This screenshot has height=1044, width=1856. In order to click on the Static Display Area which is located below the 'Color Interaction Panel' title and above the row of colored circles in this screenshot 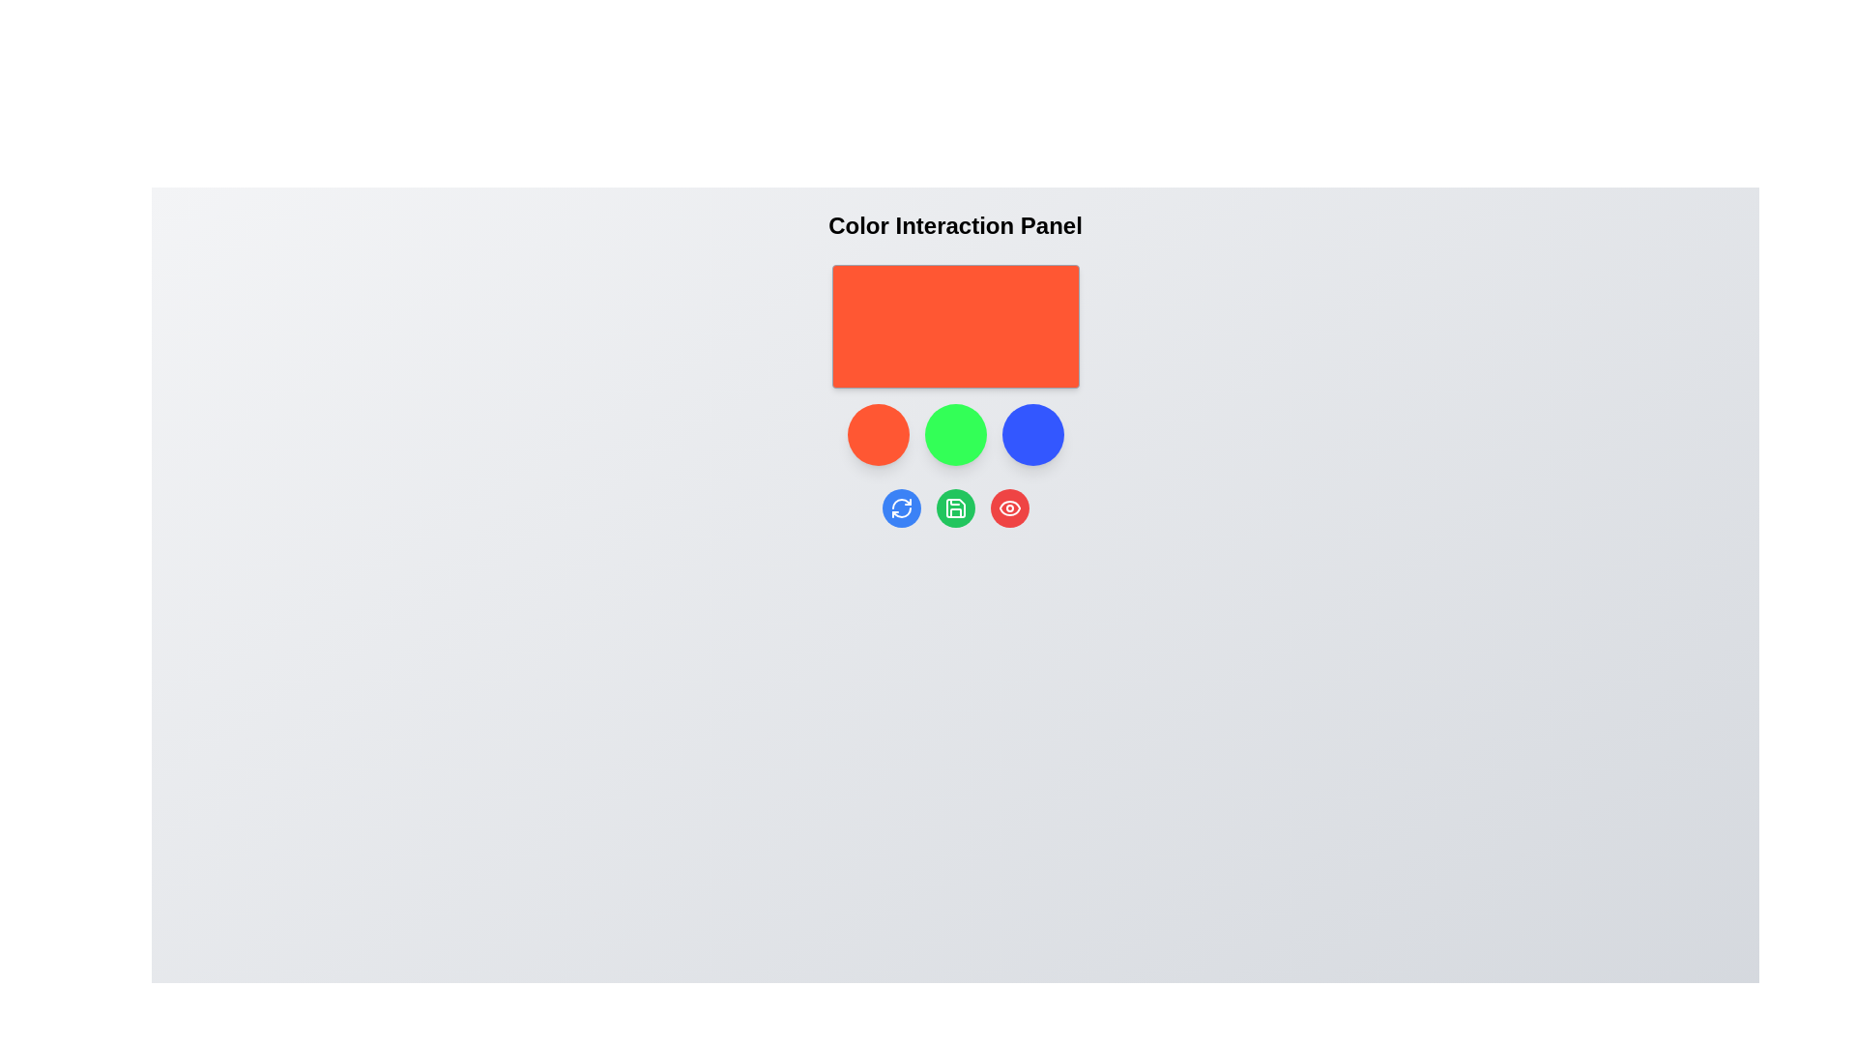, I will do `click(955, 326)`.